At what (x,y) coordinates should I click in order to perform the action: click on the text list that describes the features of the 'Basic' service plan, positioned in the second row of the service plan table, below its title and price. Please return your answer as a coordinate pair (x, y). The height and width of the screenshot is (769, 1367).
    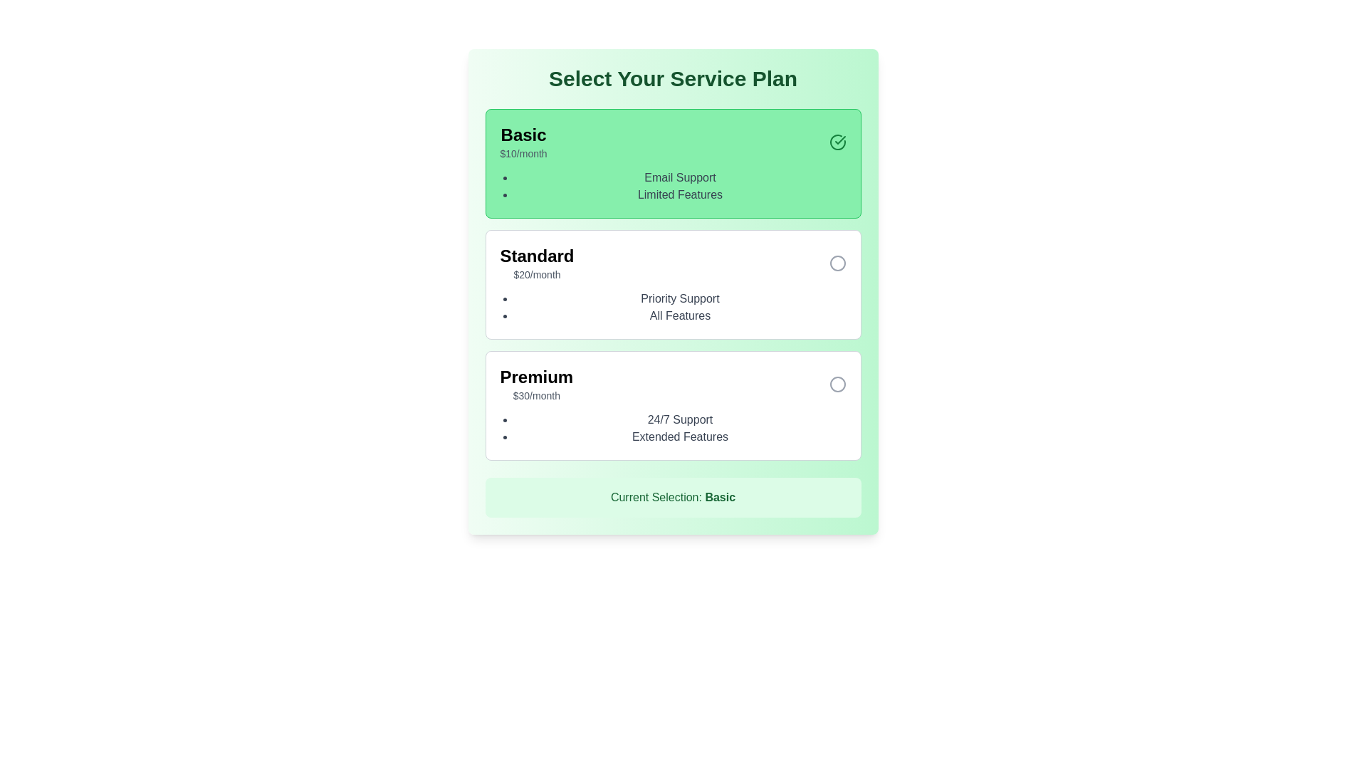
    Looking at the image, I should click on (672, 186).